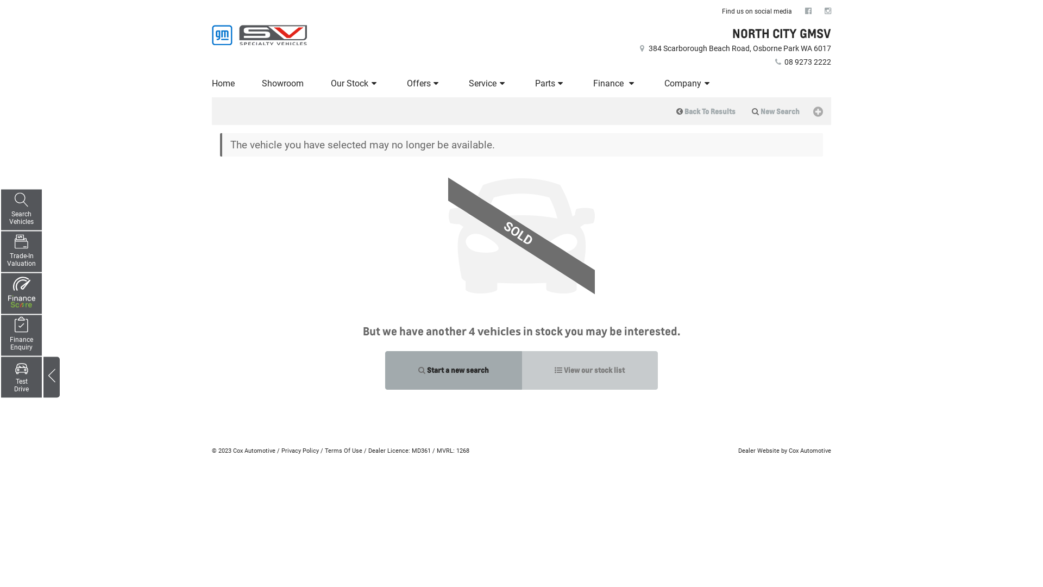 This screenshot has width=1043, height=587. What do you see at coordinates (688, 83) in the screenshot?
I see `'Company'` at bounding box center [688, 83].